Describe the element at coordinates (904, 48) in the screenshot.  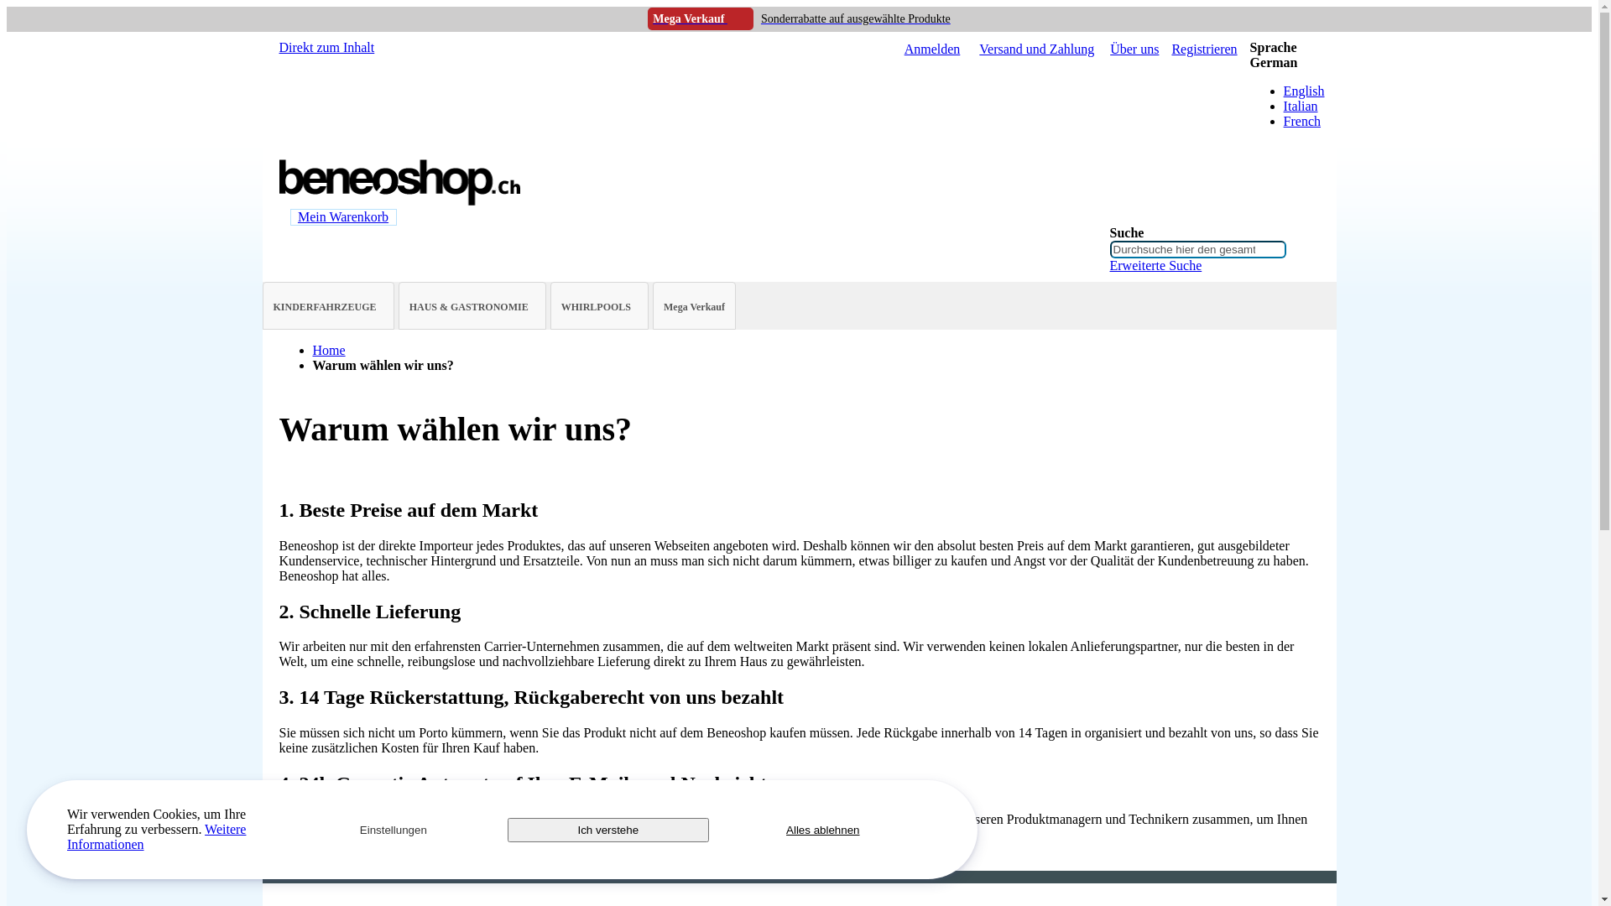
I see `'Anmelden'` at that location.